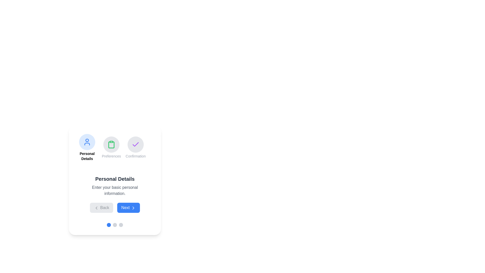 Image resolution: width=485 pixels, height=273 pixels. I want to click on the 'Personal Details' step in the vertical navigation step indicator, which features a blue user silhouette icon and bold black text, so click(87, 147).